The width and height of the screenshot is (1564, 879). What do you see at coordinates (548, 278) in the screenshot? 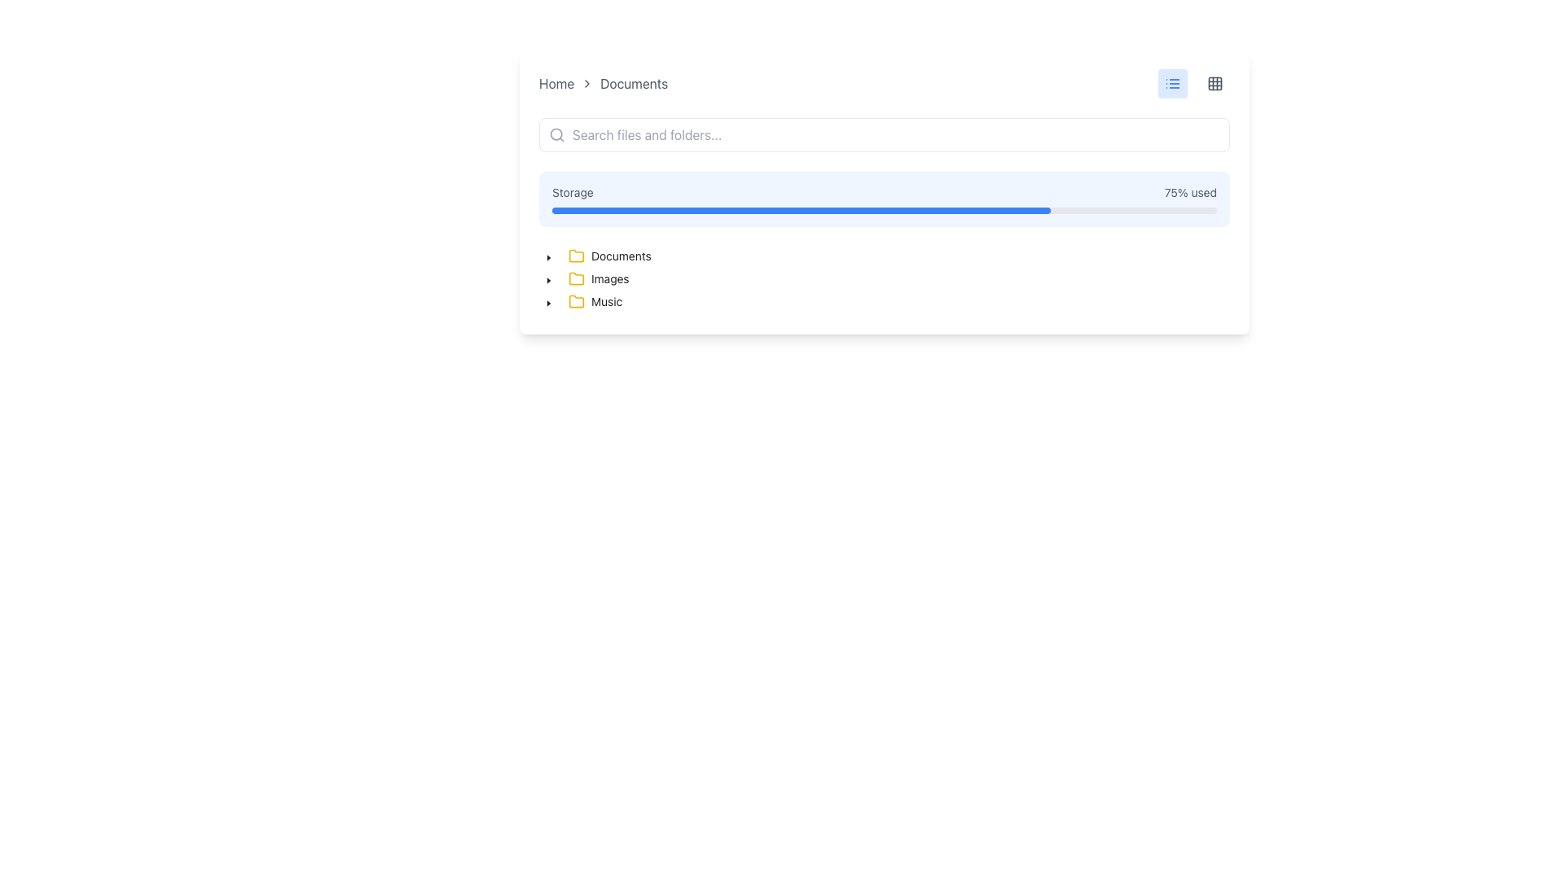
I see `the Disclosure Triangle icon located to the left of the 'Images' folder in the tree structure` at bounding box center [548, 278].